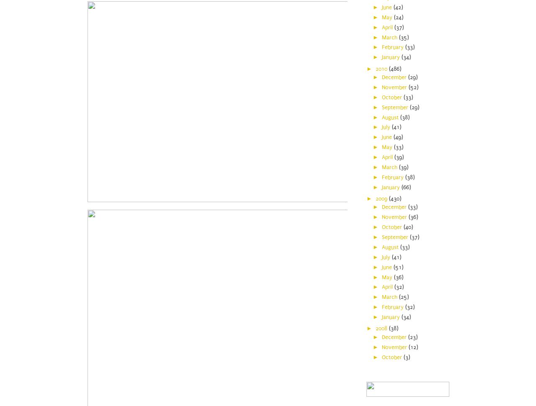  Describe the element at coordinates (393, 7) in the screenshot. I see `'(42)'` at that location.